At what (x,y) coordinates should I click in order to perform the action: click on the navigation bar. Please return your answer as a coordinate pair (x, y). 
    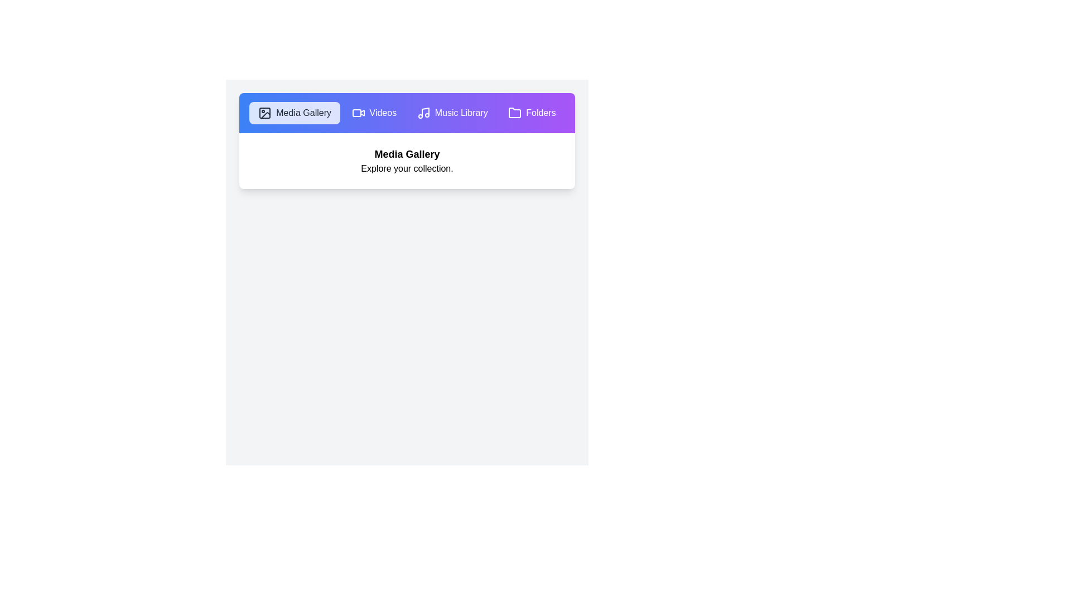
    Looking at the image, I should click on (406, 113).